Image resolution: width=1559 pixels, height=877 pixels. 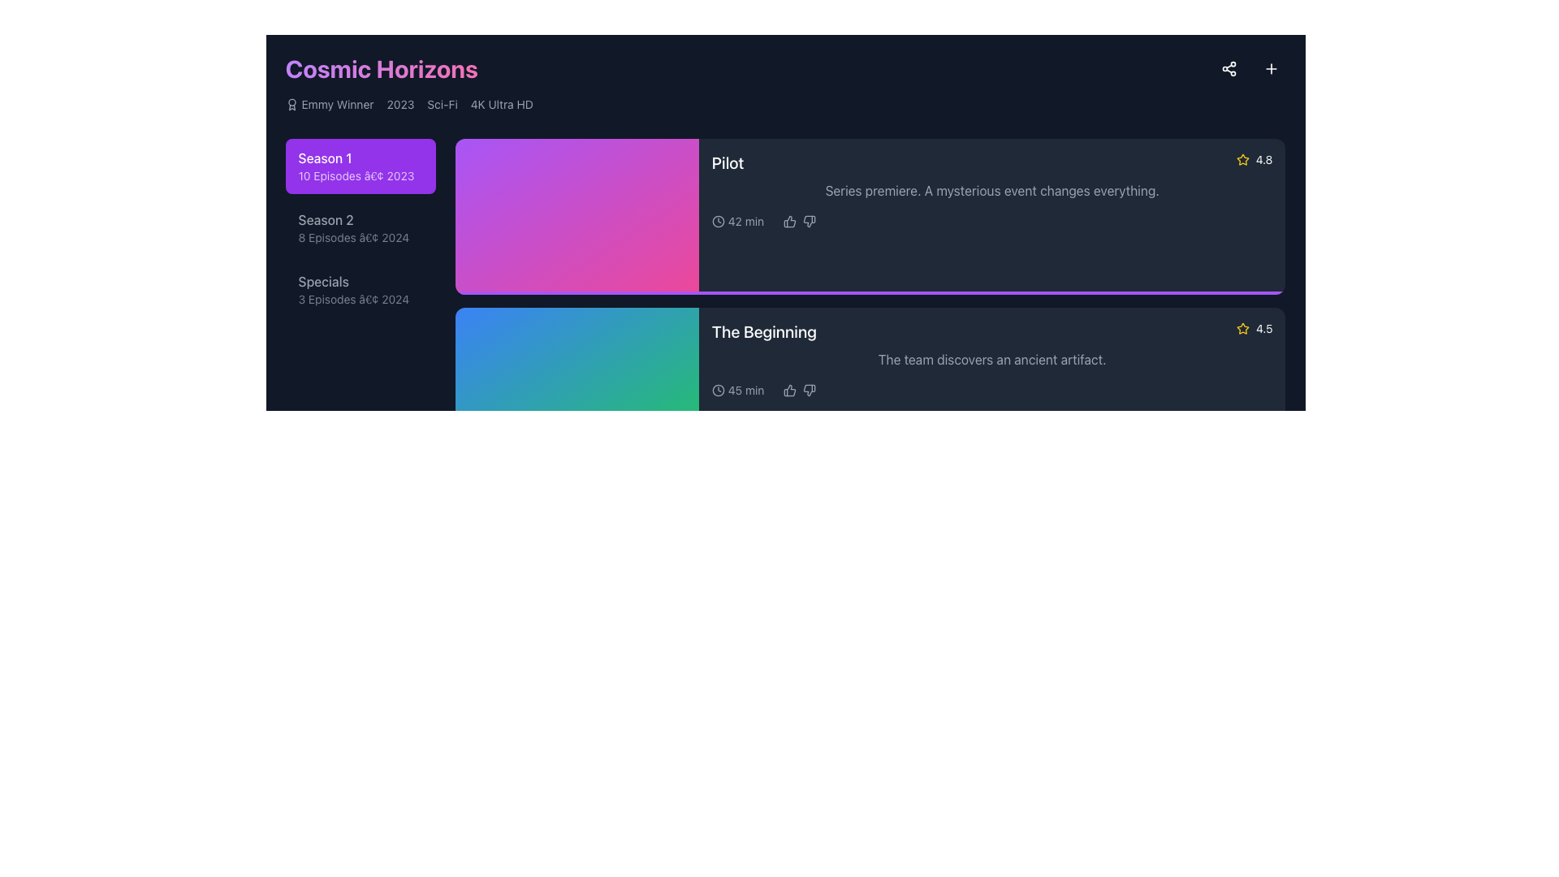 I want to click on the thumbs-up icon in the interactive icon group to like the episode 'The Beginning', so click(x=800, y=391).